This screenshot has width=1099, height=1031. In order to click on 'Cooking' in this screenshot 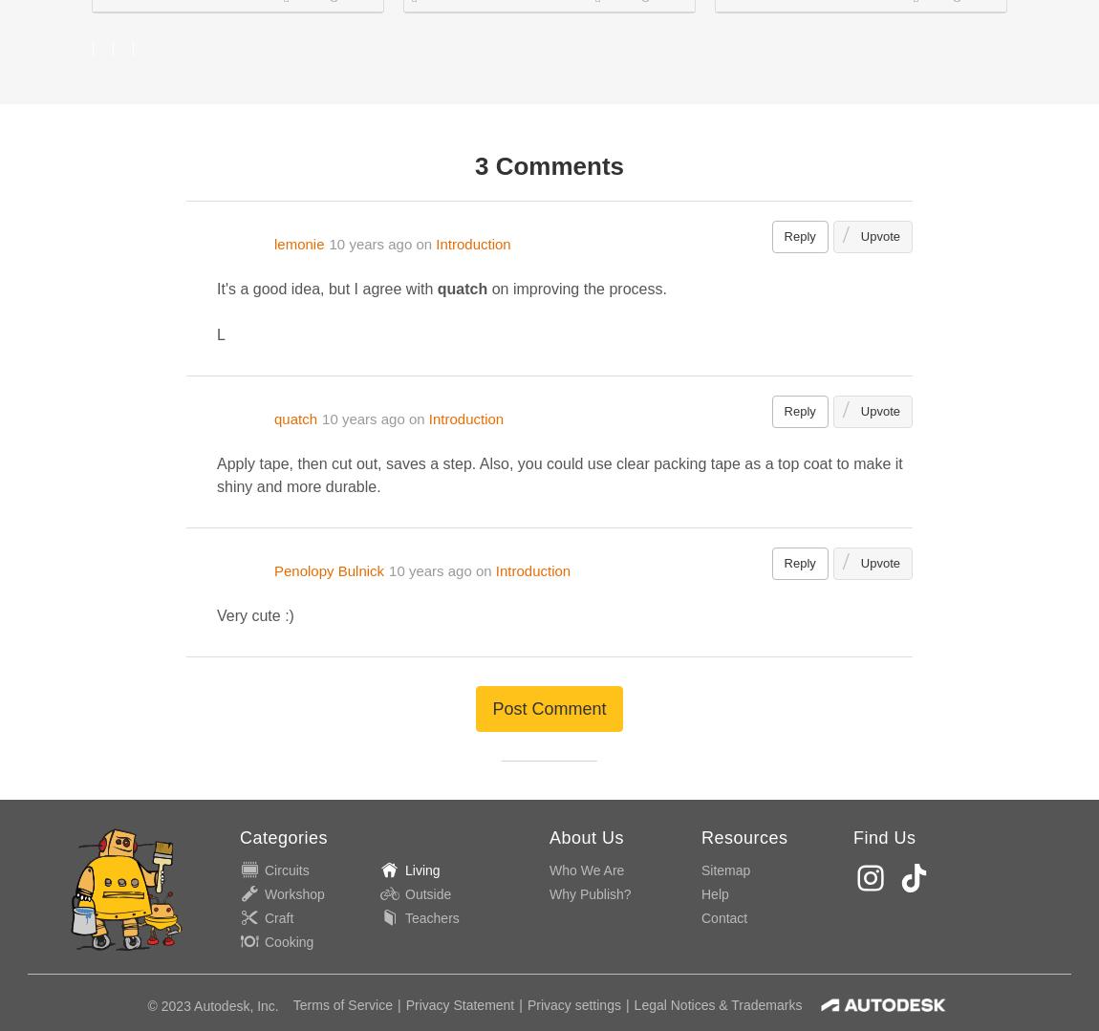, I will do `click(264, 940)`.